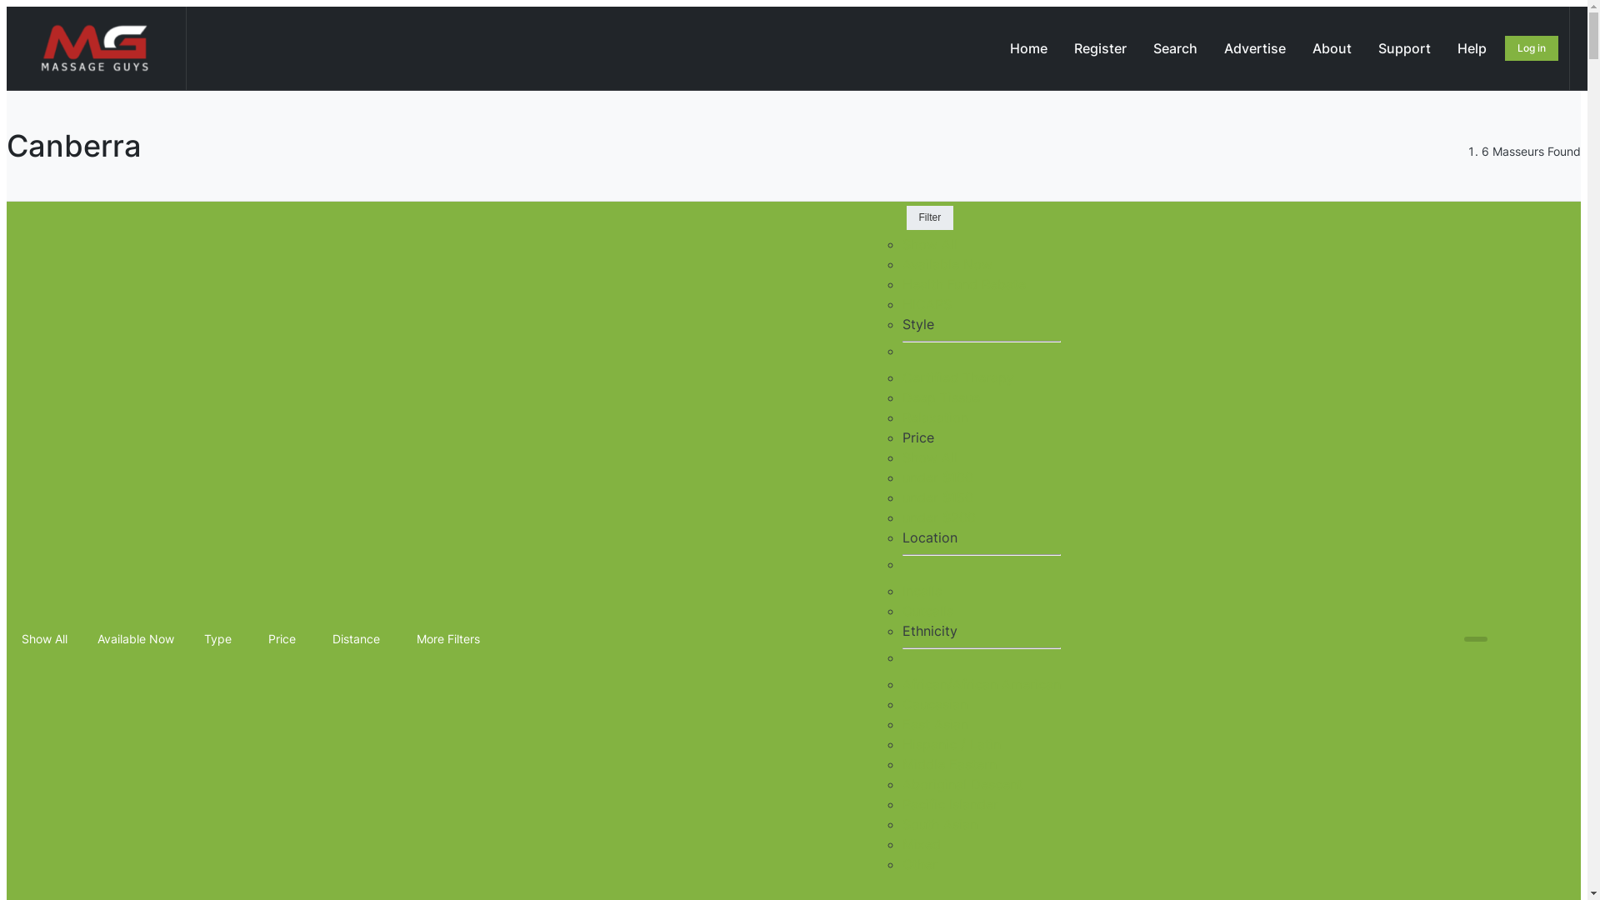 The height and width of the screenshot is (900, 1600). What do you see at coordinates (1255, 47) in the screenshot?
I see `'Advertise'` at bounding box center [1255, 47].